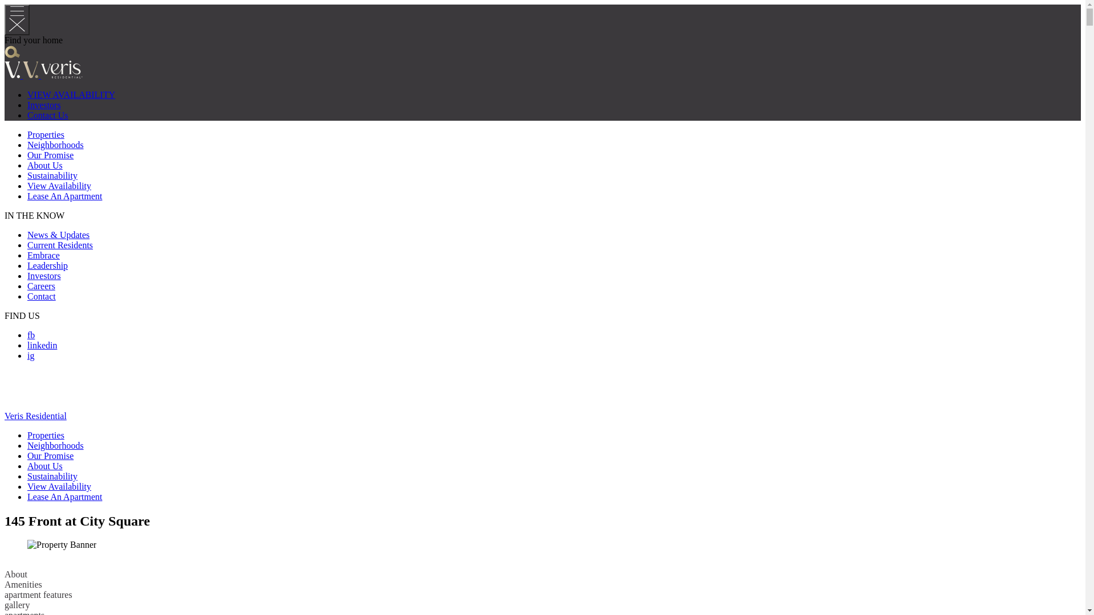  What do you see at coordinates (64, 496) in the screenshot?
I see `'Lease An Apartment'` at bounding box center [64, 496].